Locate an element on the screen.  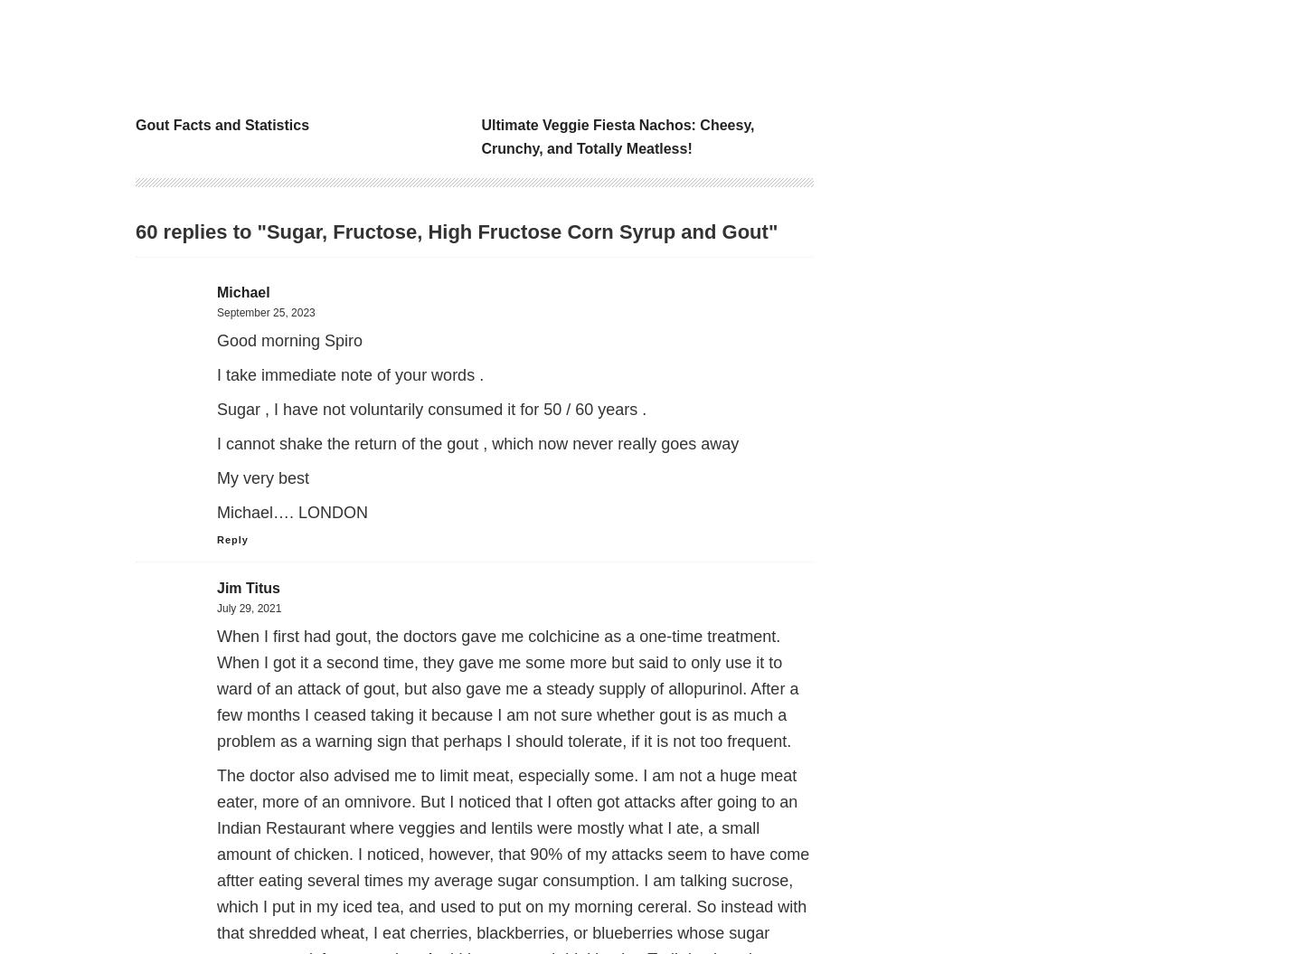
'Michael' is located at coordinates (241, 291).